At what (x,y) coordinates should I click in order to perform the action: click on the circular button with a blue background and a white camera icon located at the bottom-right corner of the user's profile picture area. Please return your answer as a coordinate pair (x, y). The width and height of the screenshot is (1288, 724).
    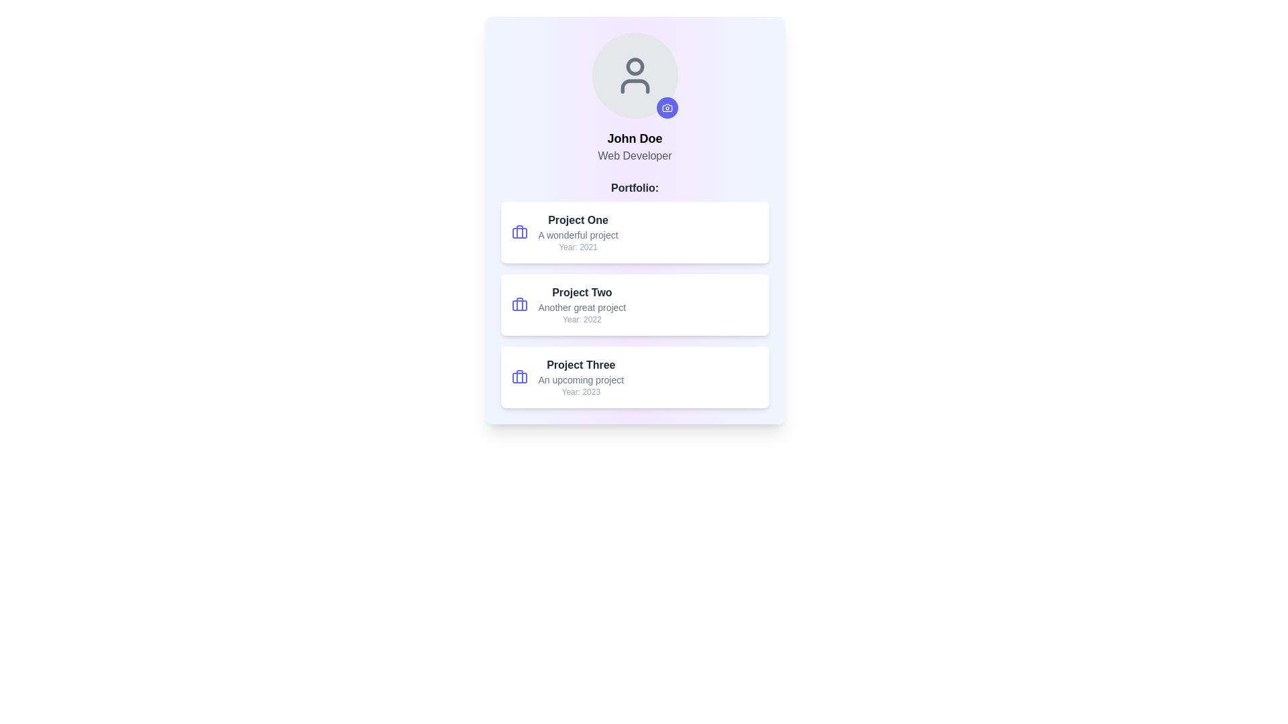
    Looking at the image, I should click on (667, 107).